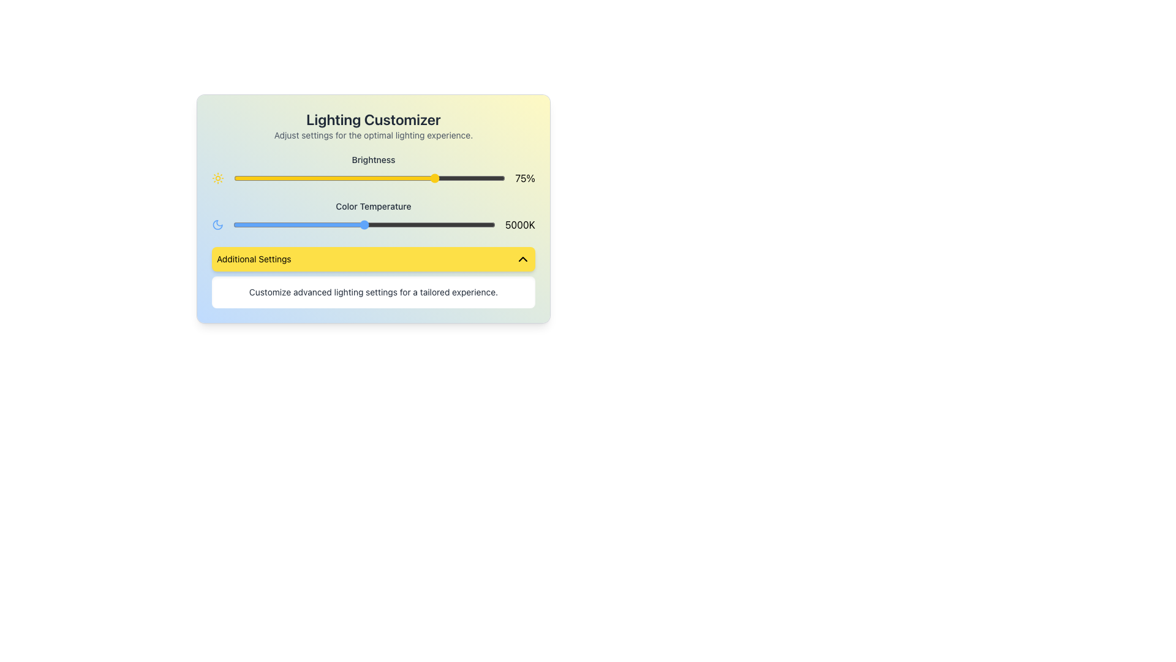 The height and width of the screenshot is (662, 1176). I want to click on the brightness level, so click(307, 178).